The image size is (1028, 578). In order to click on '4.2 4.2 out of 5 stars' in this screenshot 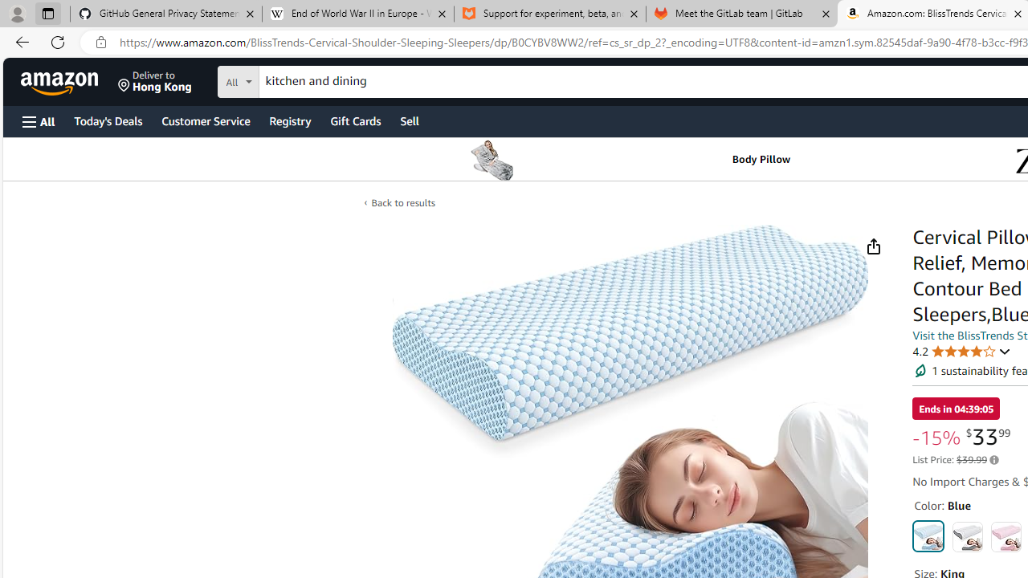, I will do `click(962, 350)`.